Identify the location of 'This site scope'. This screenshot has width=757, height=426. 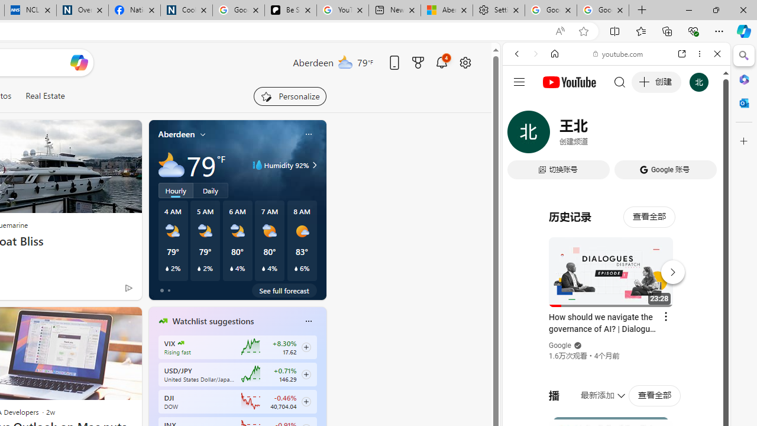
(553, 106).